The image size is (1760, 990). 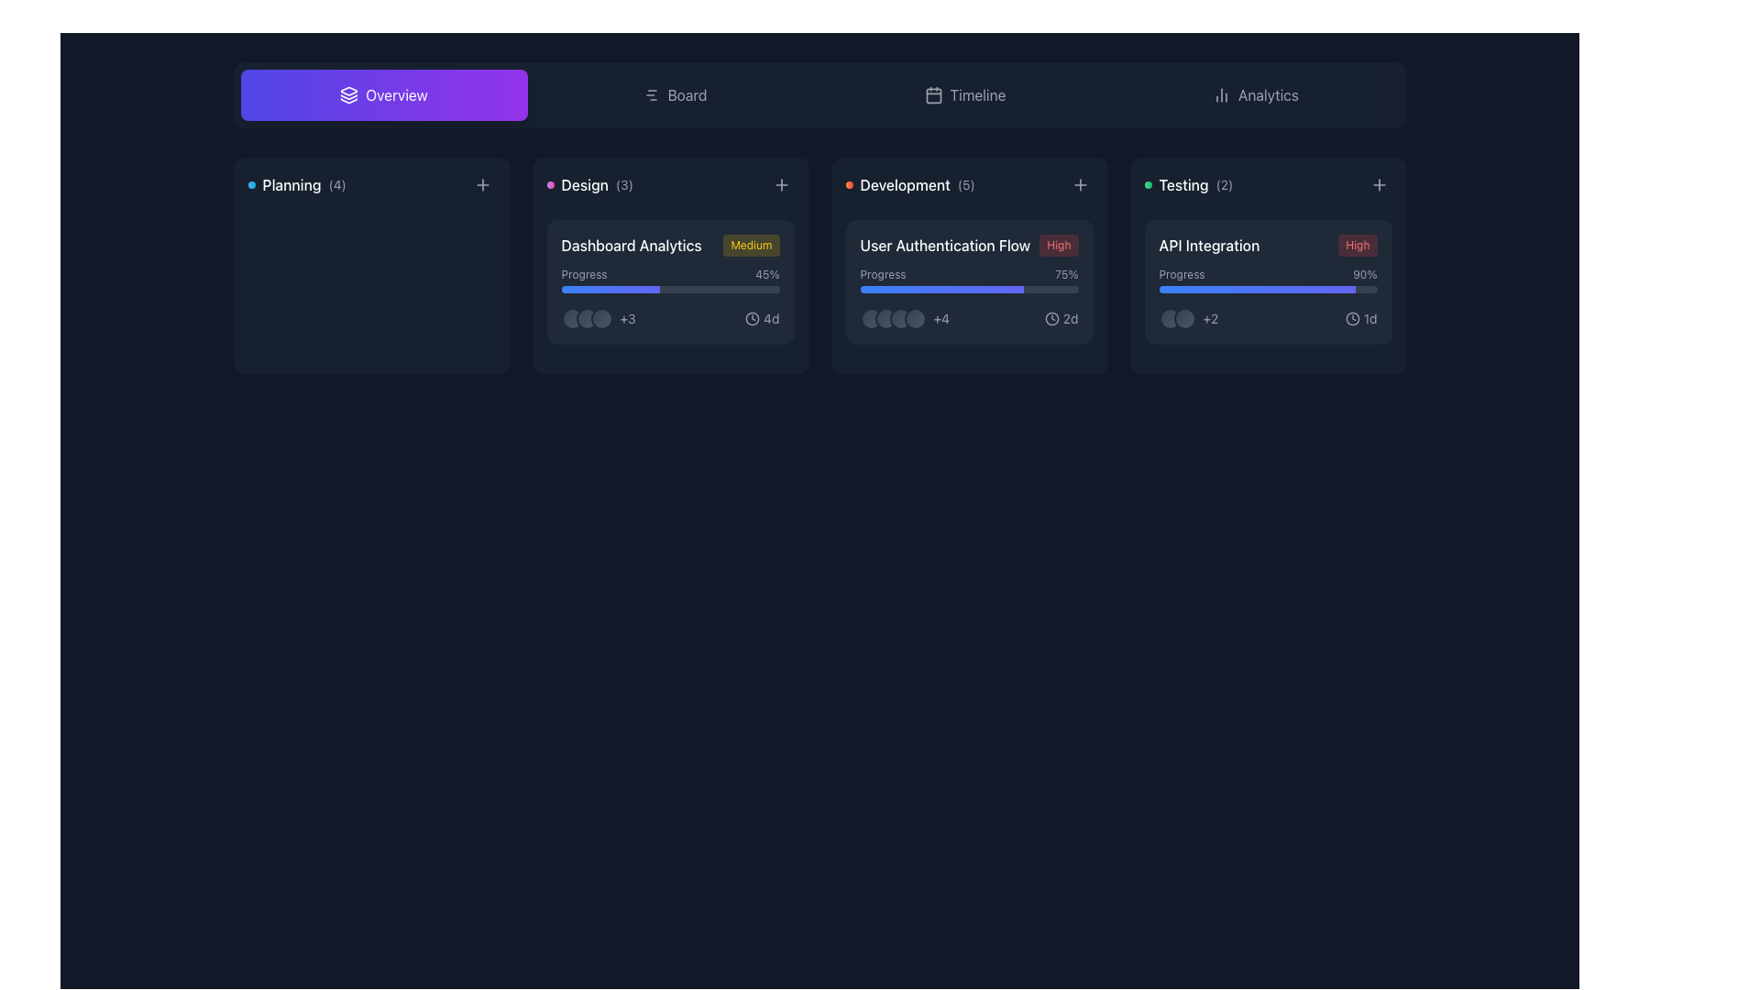 I want to click on the second circular avatar indicator located under the 'User Authentication Flow' progress bar in the development section, so click(x=885, y=317).